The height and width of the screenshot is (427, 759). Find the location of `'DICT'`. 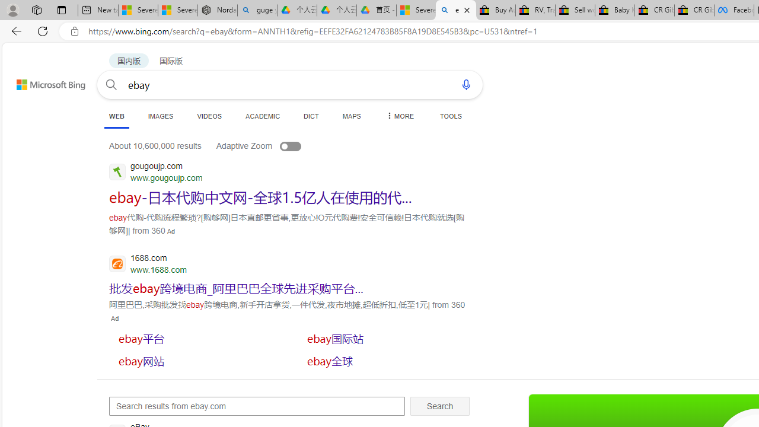

'DICT' is located at coordinates (311, 116).